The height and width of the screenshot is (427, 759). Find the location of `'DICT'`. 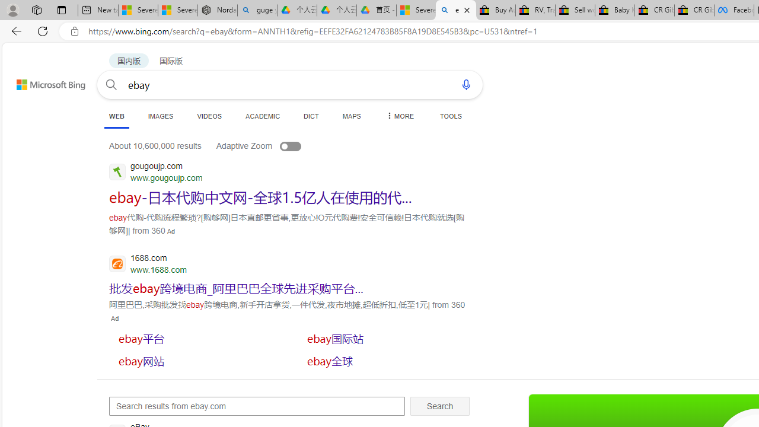

'DICT' is located at coordinates (311, 116).